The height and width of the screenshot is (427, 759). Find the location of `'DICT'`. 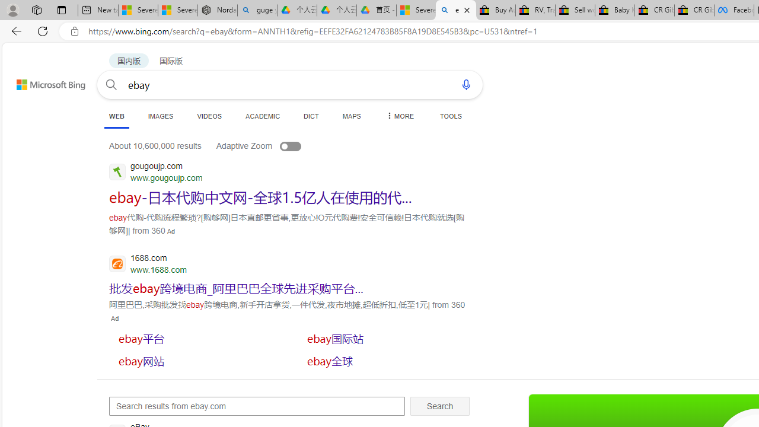

'DICT' is located at coordinates (311, 116).